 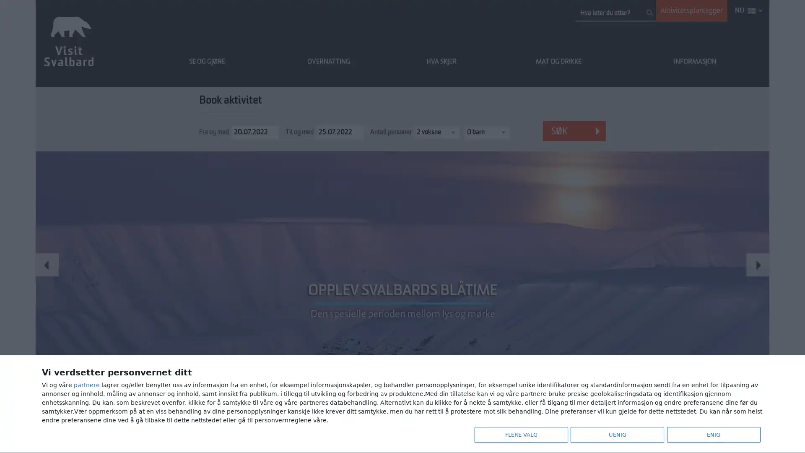 What do you see at coordinates (615, 434) in the screenshot?
I see `UENIG` at bounding box center [615, 434].